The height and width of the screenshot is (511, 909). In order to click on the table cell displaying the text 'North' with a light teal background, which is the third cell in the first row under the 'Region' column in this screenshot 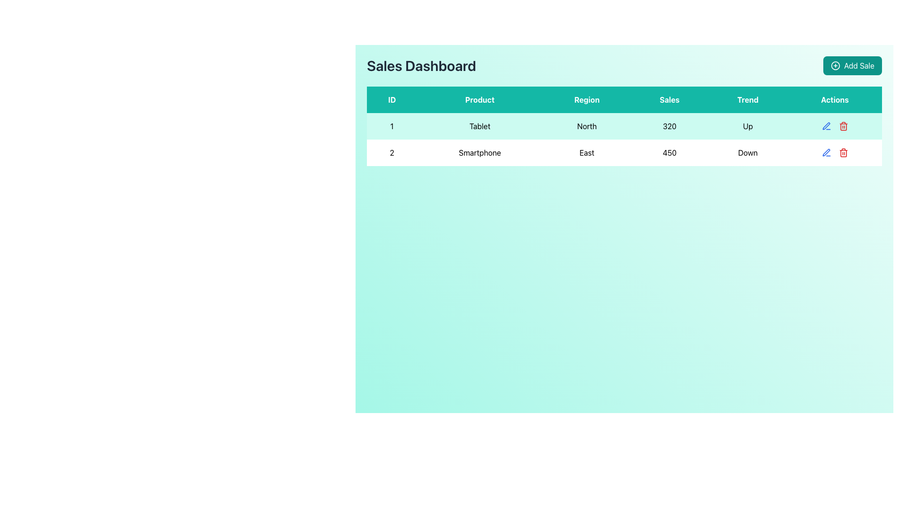, I will do `click(586, 125)`.